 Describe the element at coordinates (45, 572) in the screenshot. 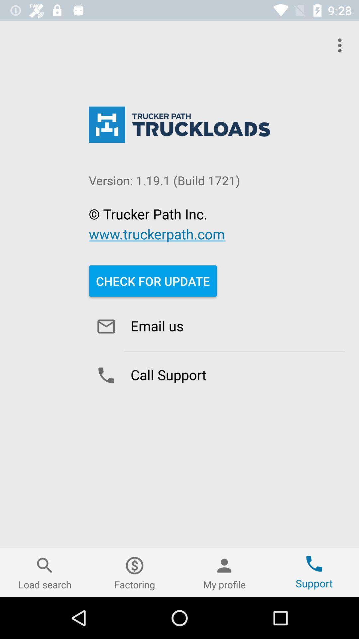

I see `item next to the factoring item` at that location.